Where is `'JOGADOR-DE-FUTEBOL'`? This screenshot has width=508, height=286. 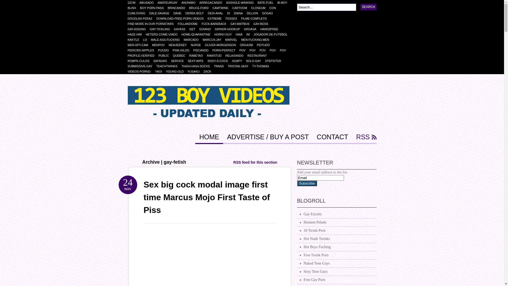 'JOGADOR-DE-FUTEBOL' is located at coordinates (273, 34).